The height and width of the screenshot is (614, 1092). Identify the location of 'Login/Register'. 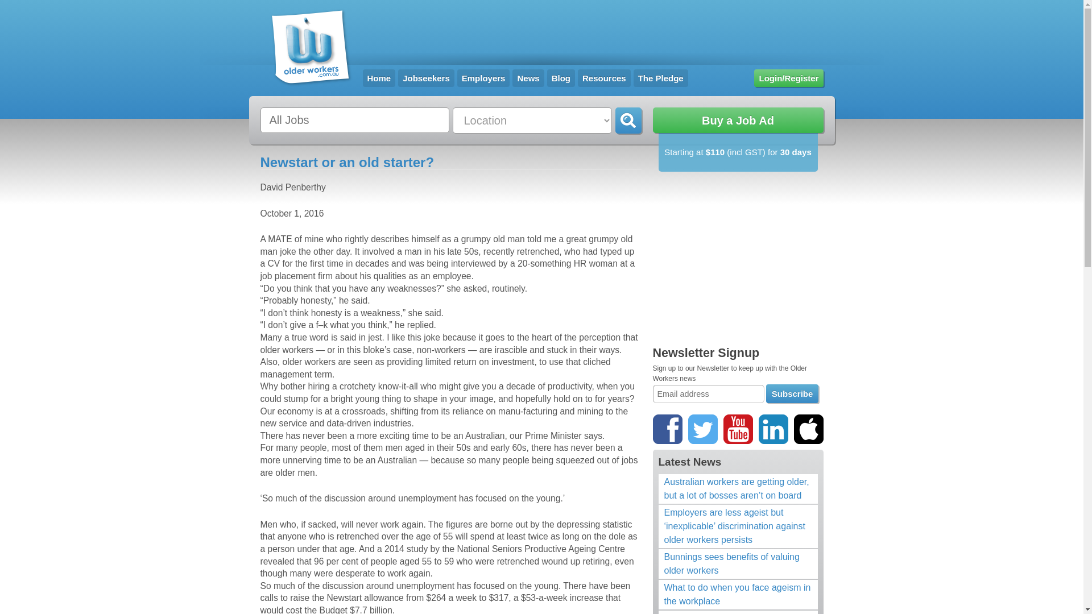
(788, 77).